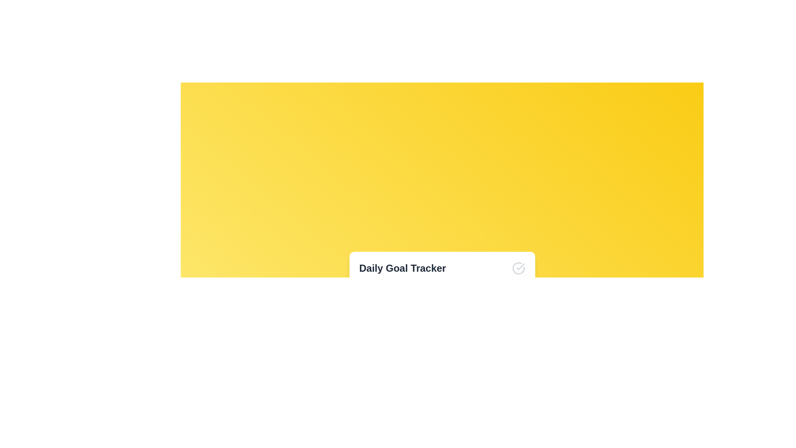 Image resolution: width=796 pixels, height=448 pixels. I want to click on the checkmark symbol within the SVG graphic element that indicates completion, located on the right side of the card containing the 'Daily Goal Tracker' text, so click(520, 267).